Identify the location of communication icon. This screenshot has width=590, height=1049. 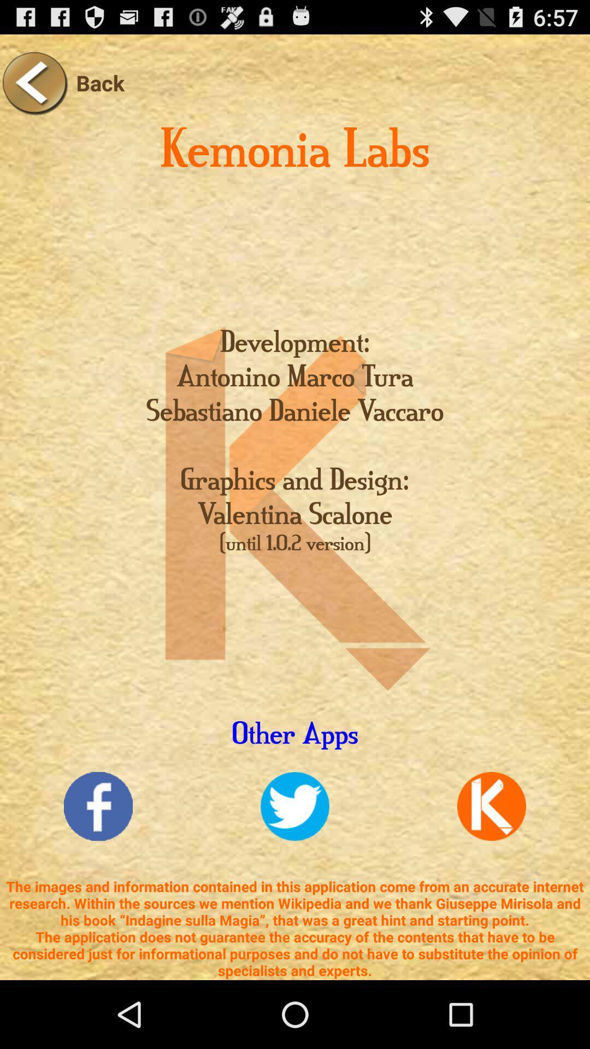
(491, 806).